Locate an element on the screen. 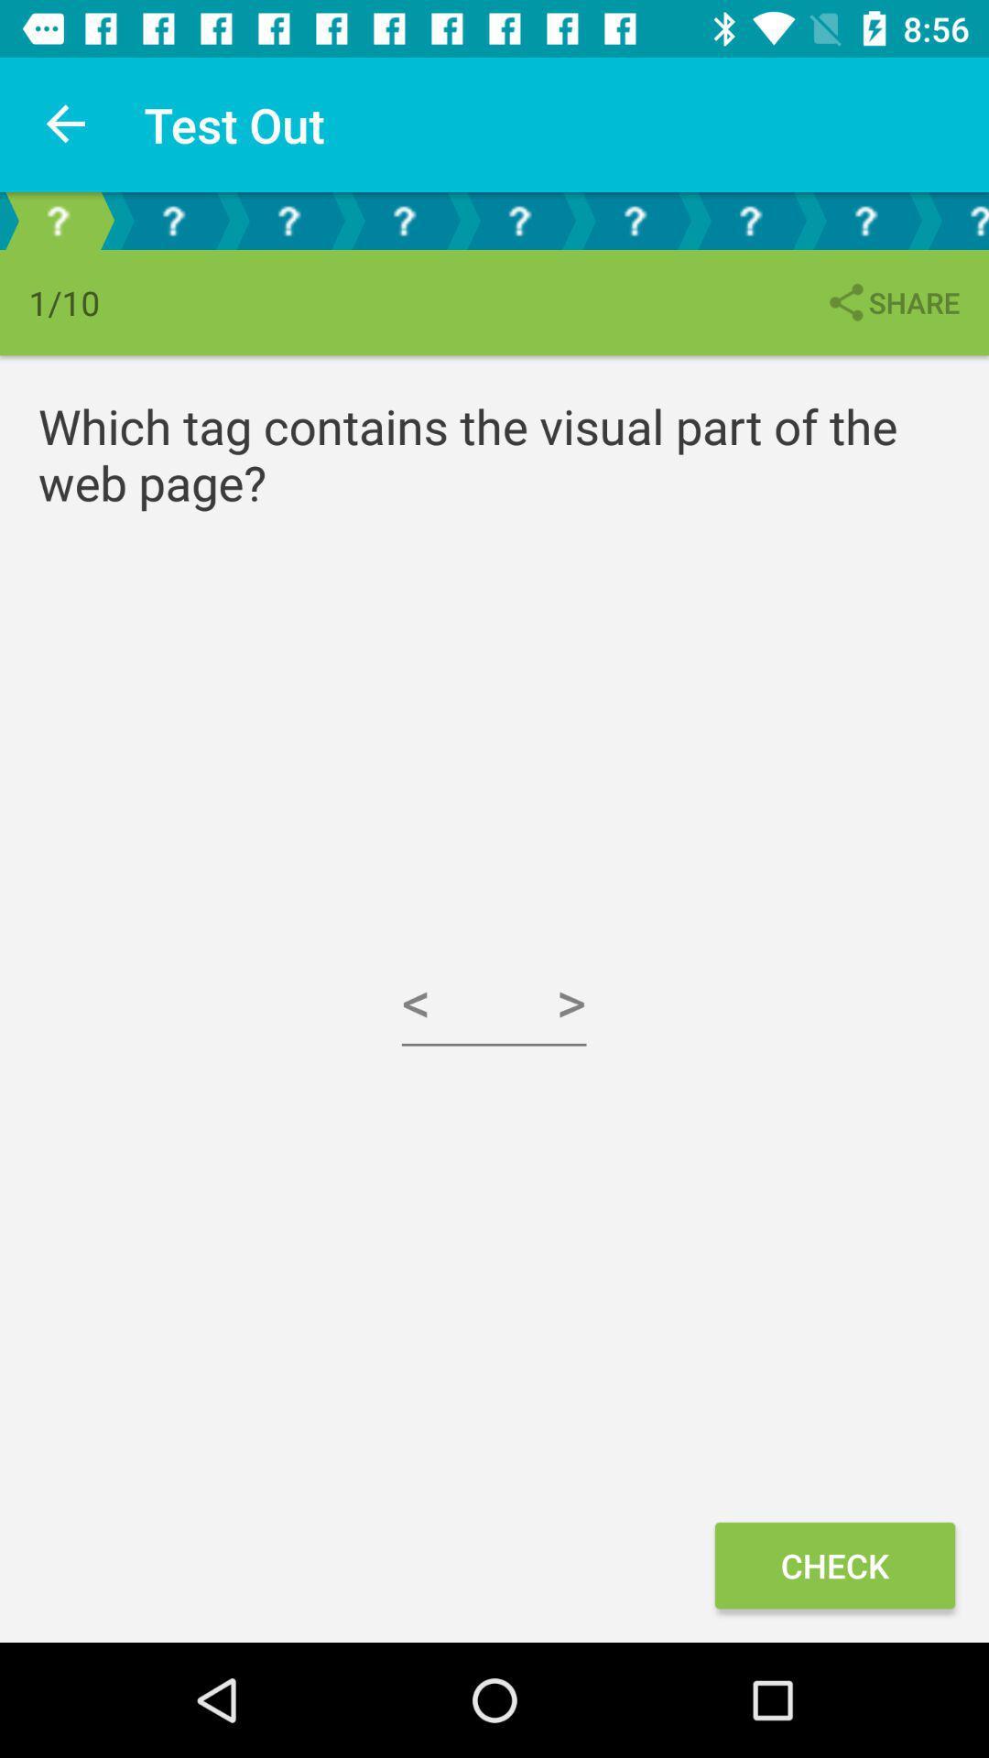  question selection is located at coordinates (865, 220).